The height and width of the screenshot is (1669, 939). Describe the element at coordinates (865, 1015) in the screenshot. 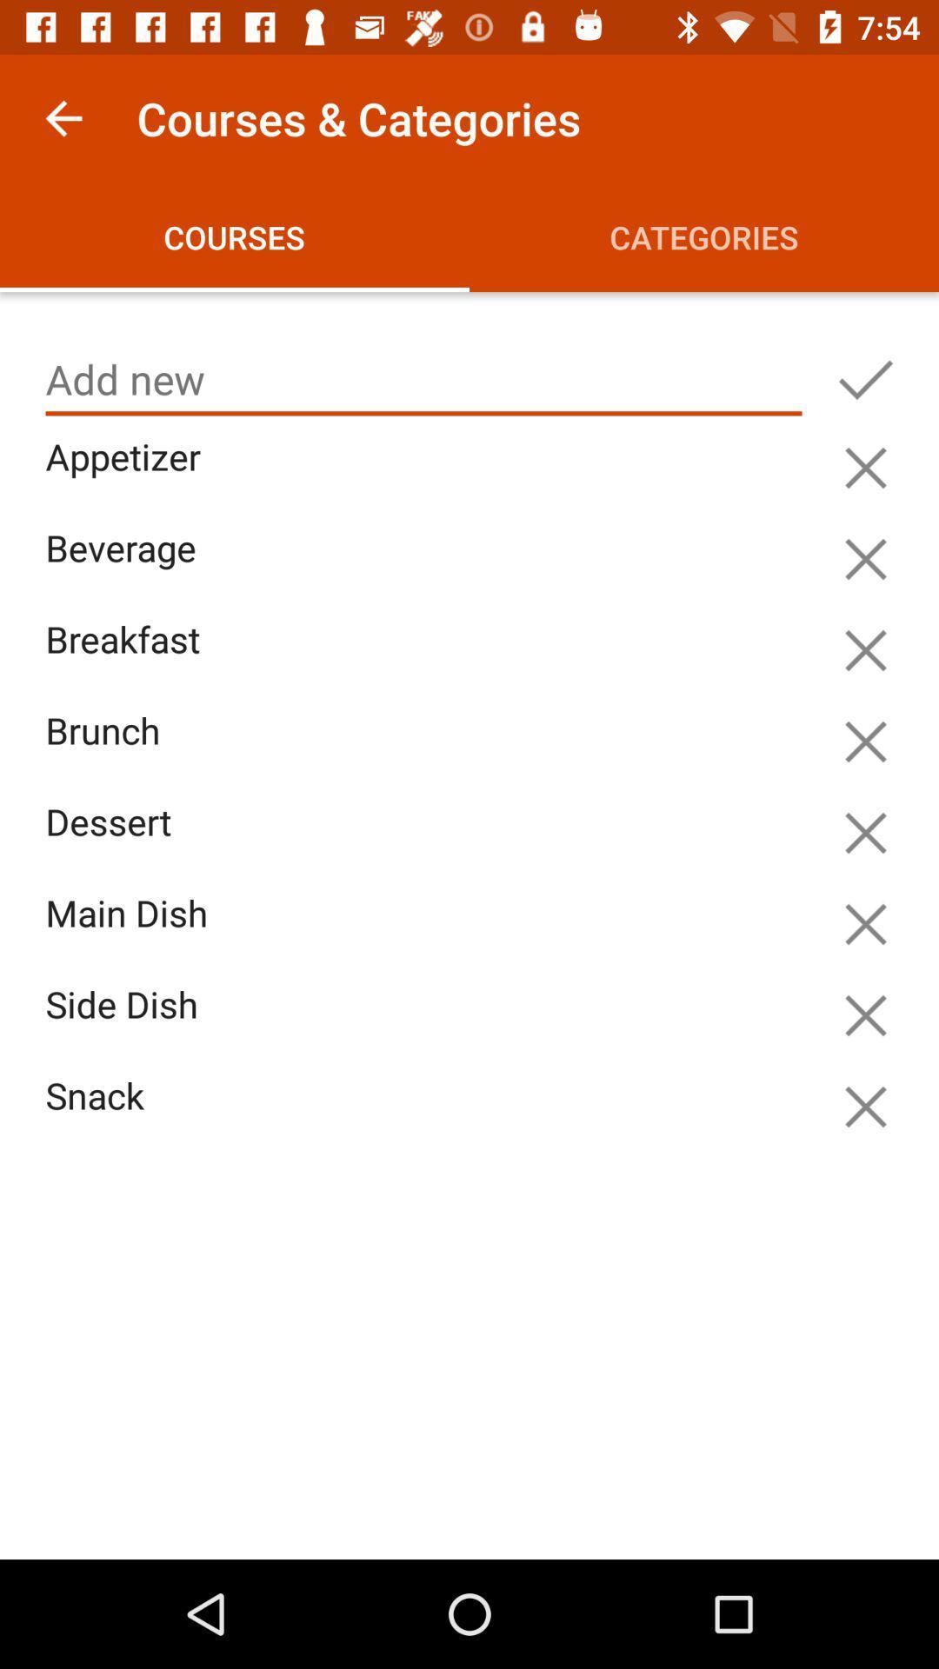

I see `remove side dish course` at that location.